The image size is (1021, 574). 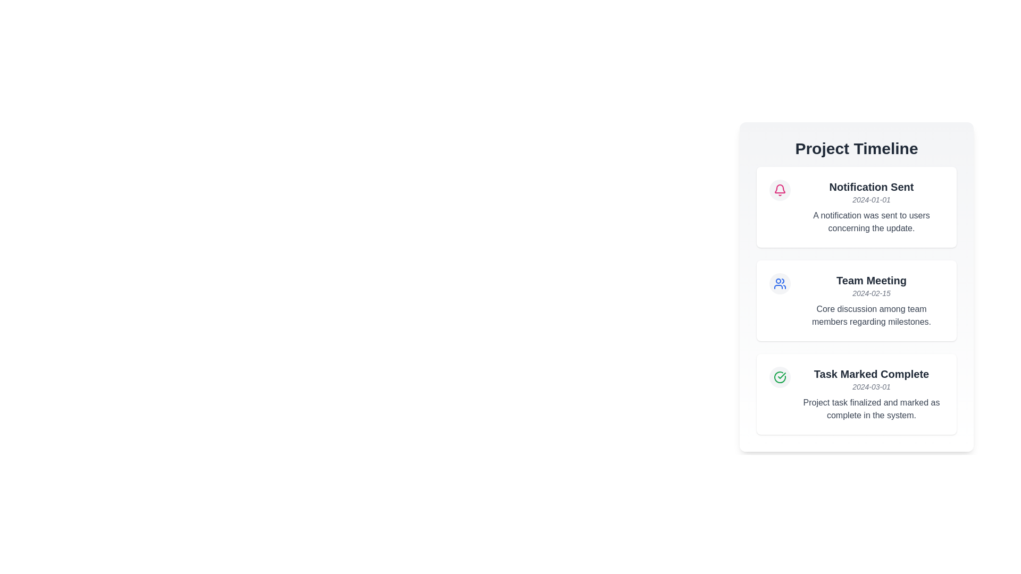 What do you see at coordinates (780, 190) in the screenshot?
I see `the notification icon, which is the first item in the left section of the notification block, positioned to the left of the title 'Notification Sent'` at bounding box center [780, 190].